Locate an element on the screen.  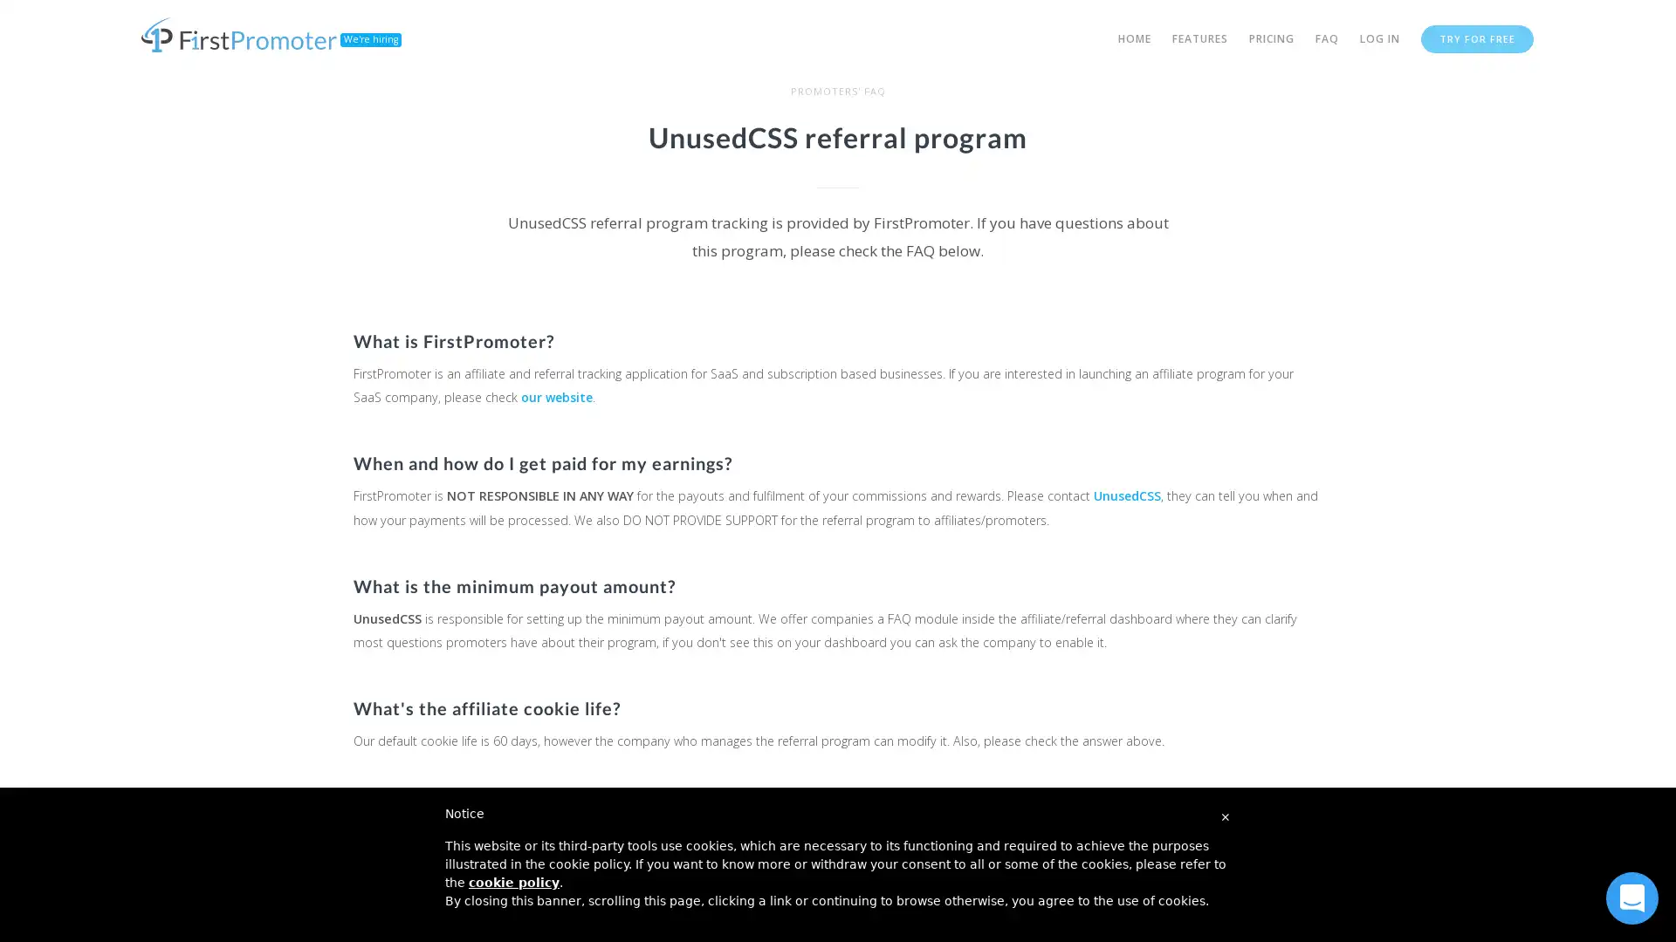
Open Intercom Messenger is located at coordinates (1631, 898).